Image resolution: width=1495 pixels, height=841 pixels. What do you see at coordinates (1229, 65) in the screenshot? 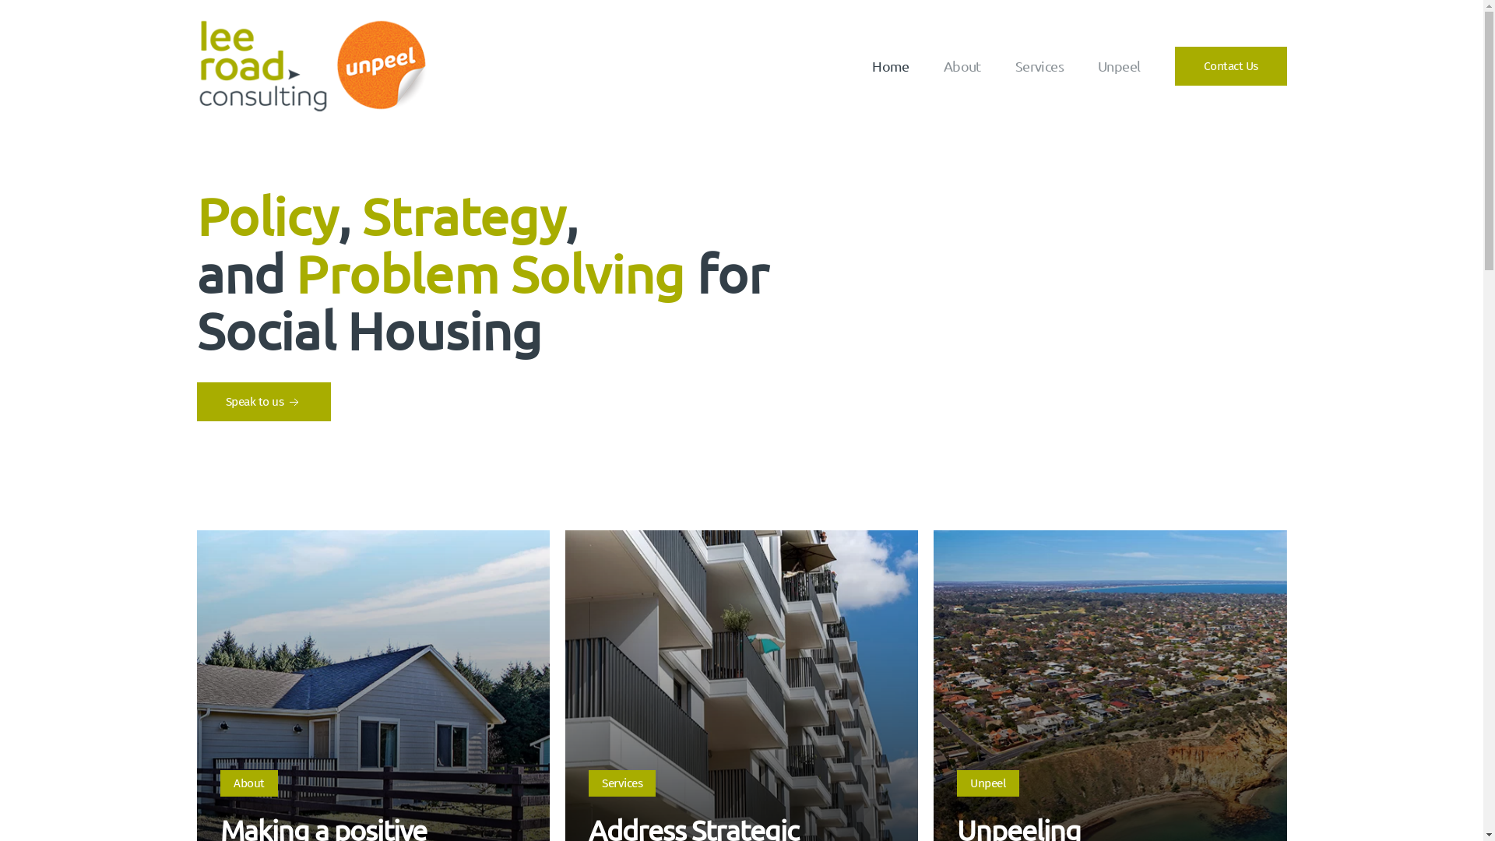
I see `'Contact Us'` at bounding box center [1229, 65].